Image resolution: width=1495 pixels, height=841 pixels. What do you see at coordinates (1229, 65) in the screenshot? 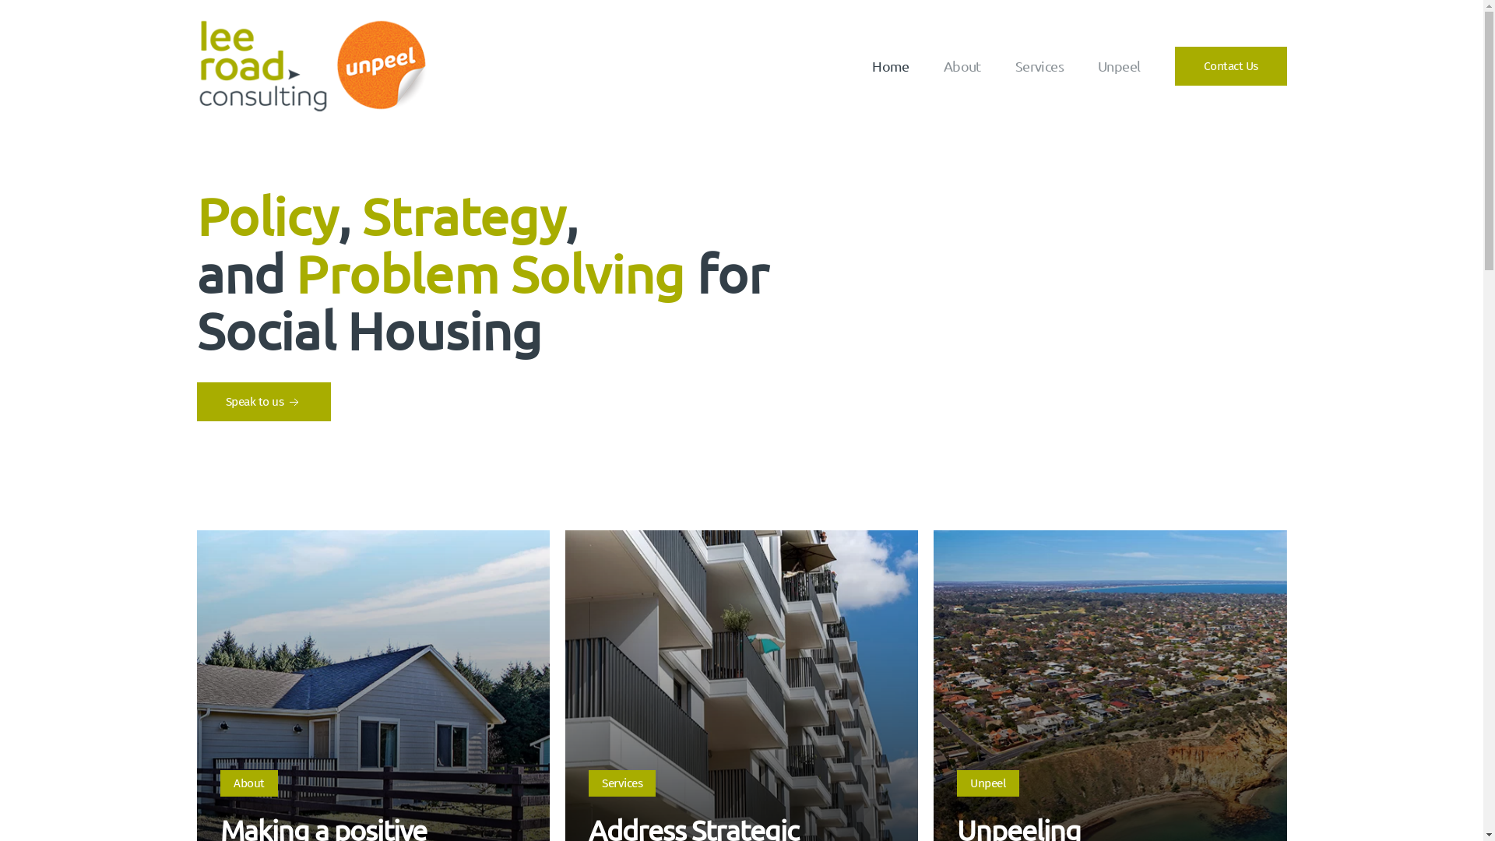
I see `'Contact Us'` at bounding box center [1229, 65].